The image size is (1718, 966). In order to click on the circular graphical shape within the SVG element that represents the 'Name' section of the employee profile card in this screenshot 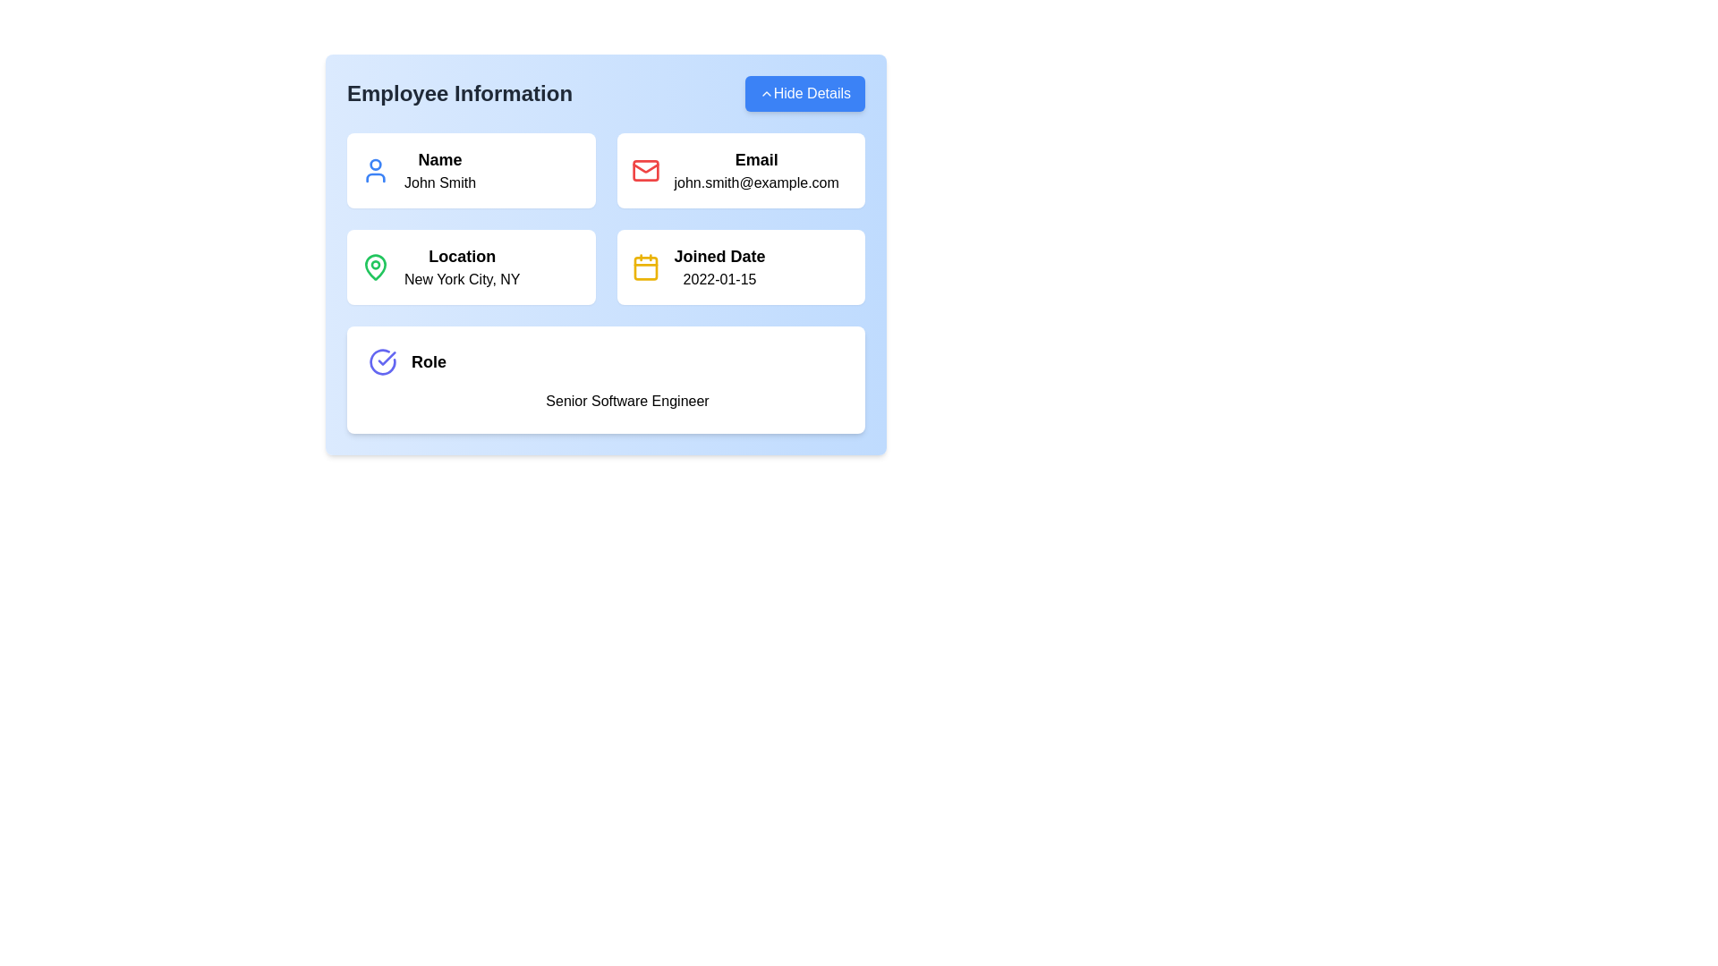, I will do `click(375, 165)`.